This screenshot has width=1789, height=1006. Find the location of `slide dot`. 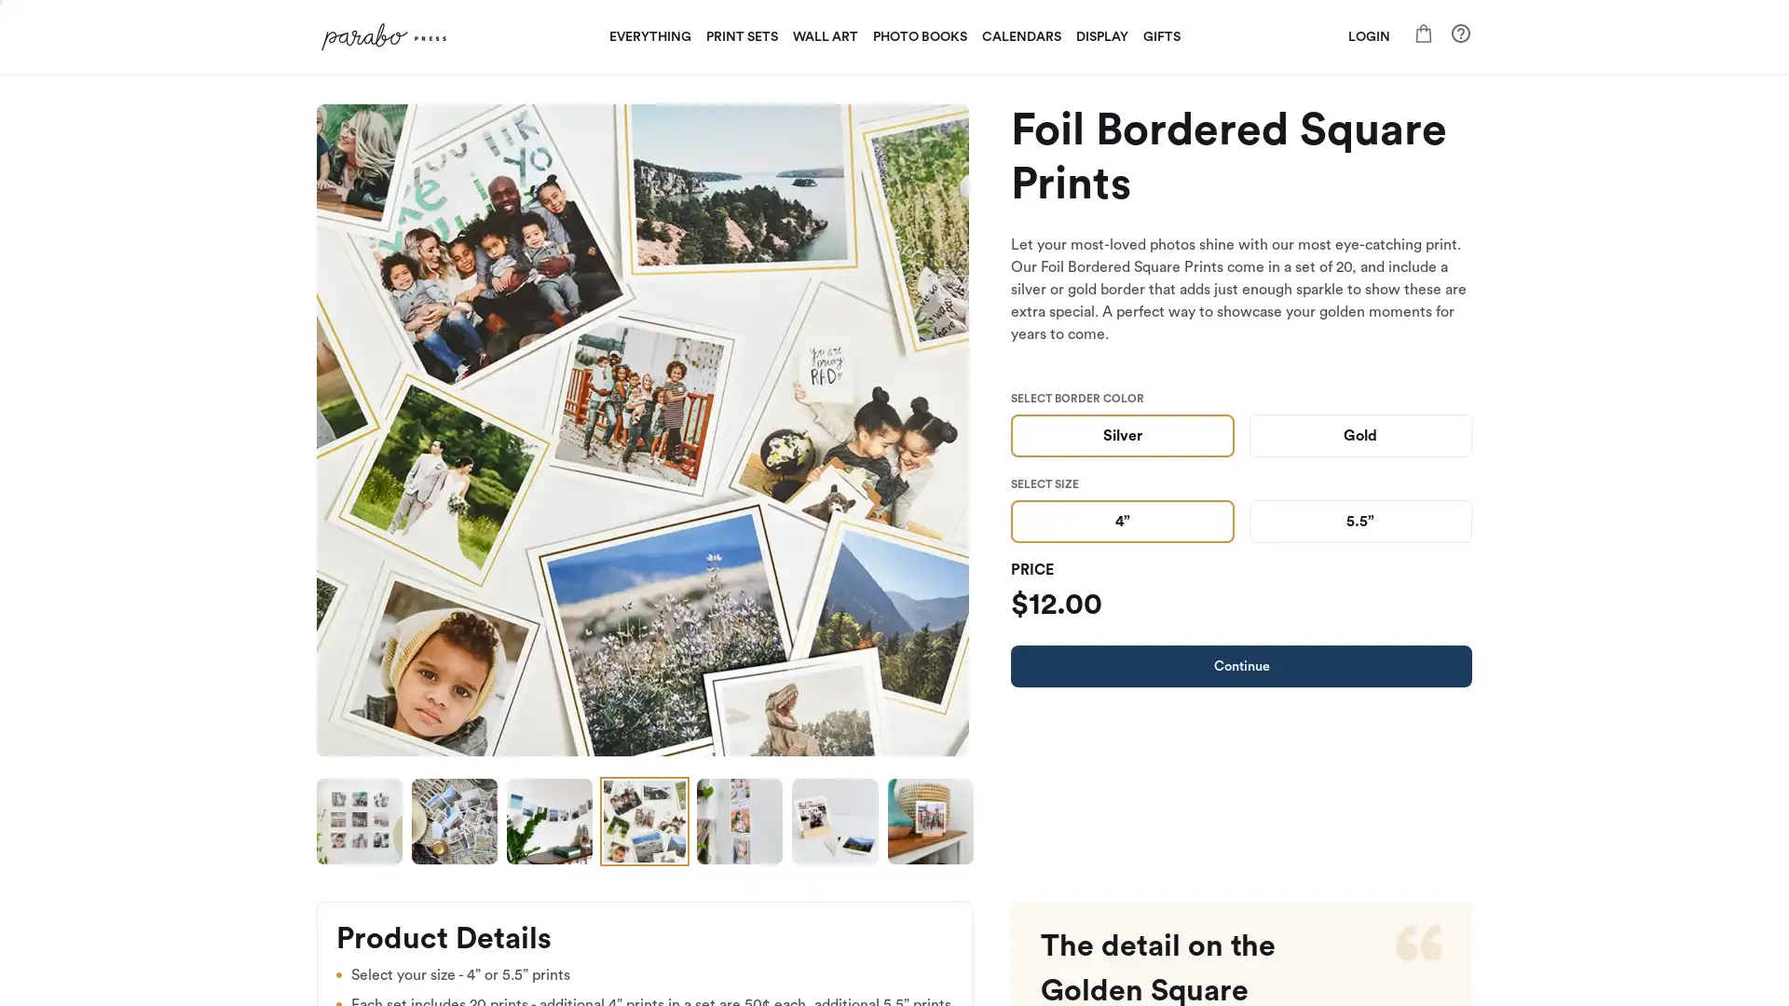

slide dot is located at coordinates (359, 821).